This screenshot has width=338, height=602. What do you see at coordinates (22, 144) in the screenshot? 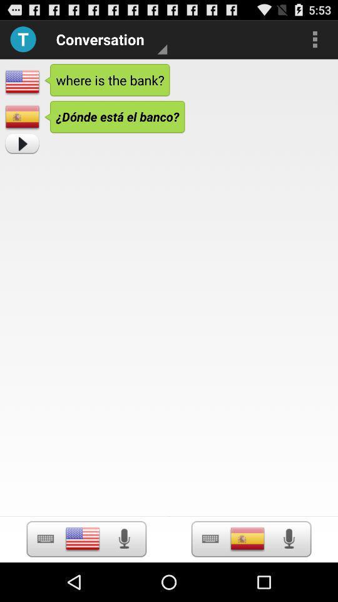
I see `go forward` at bounding box center [22, 144].